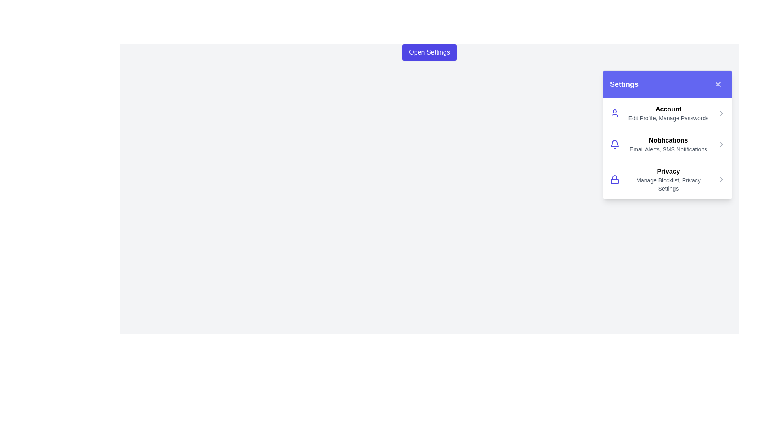 This screenshot has width=775, height=436. Describe the element at coordinates (668, 171) in the screenshot. I see `the 'Privacy' label, which is the bold title of the third section in the settings menu, located above 'Manage Blocklist, Privacy Settings' and below 'Notifications'` at that location.